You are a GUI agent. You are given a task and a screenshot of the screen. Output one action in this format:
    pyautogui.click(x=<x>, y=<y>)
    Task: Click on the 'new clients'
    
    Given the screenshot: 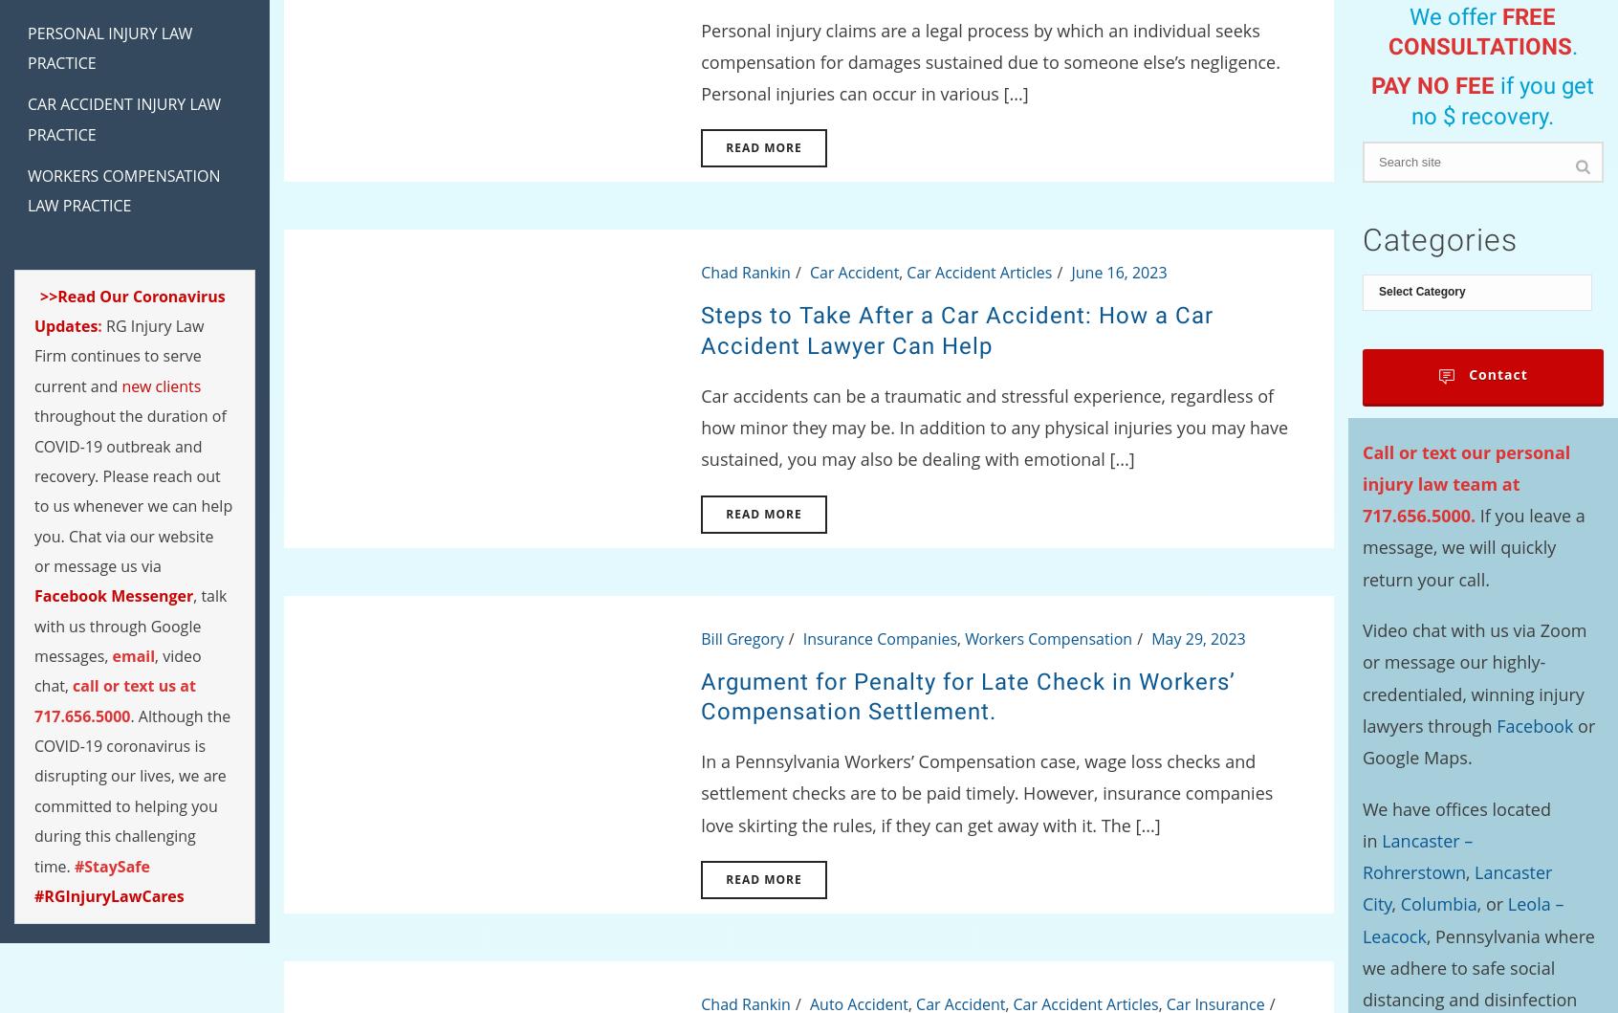 What is the action you would take?
    pyautogui.click(x=160, y=384)
    